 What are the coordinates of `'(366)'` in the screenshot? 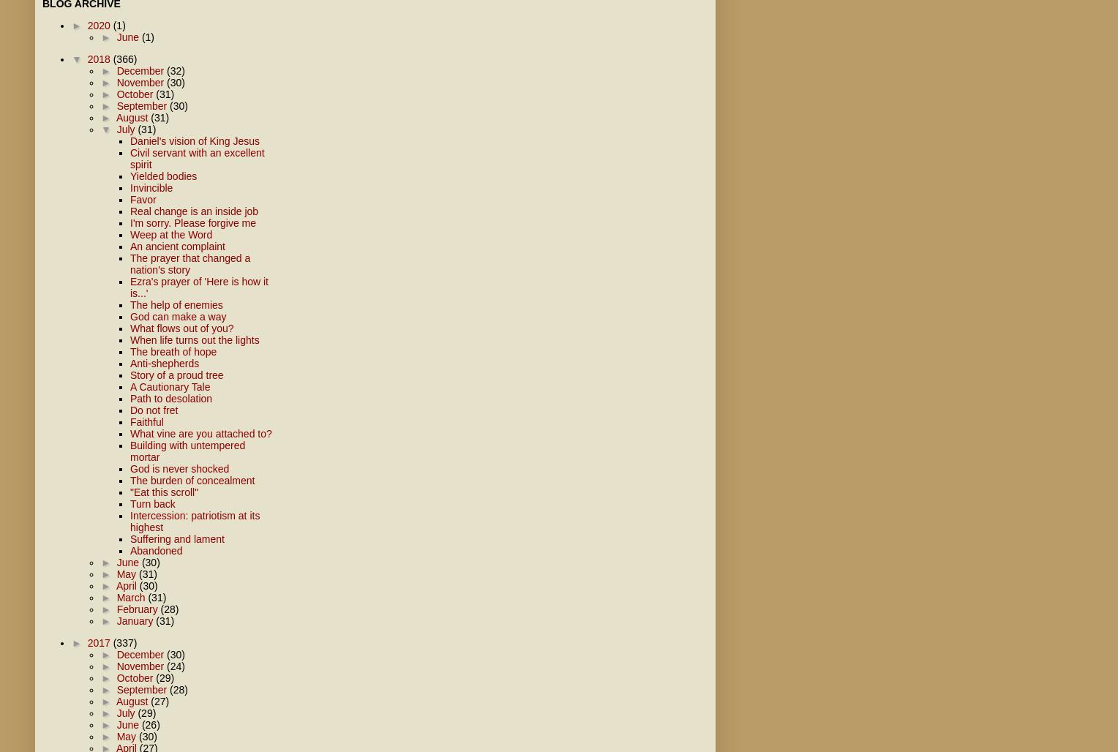 It's located at (124, 59).